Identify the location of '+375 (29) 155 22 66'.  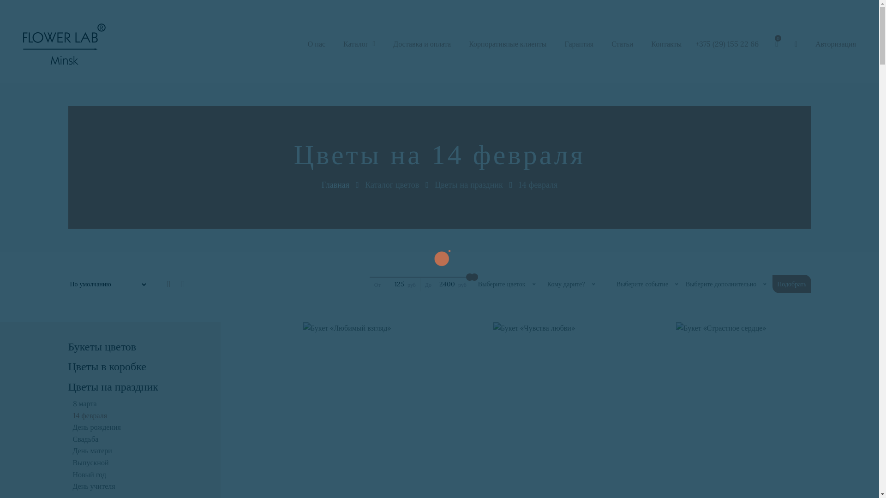
(726, 44).